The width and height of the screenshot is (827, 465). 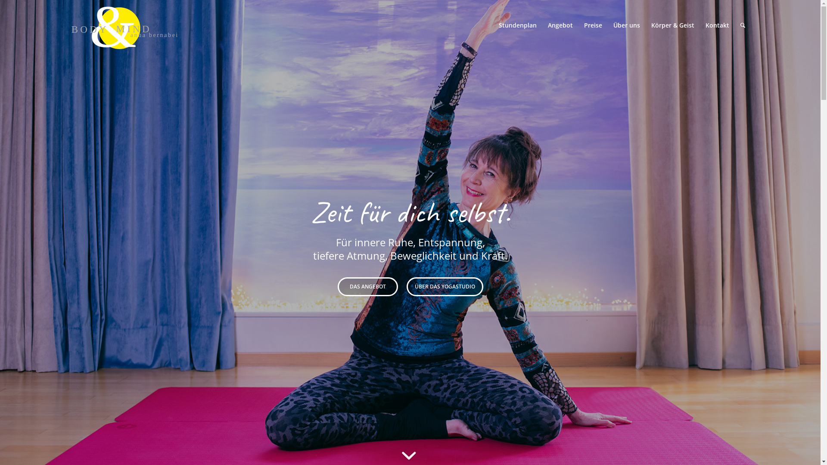 I want to click on 'Stundenplan', so click(x=517, y=25).